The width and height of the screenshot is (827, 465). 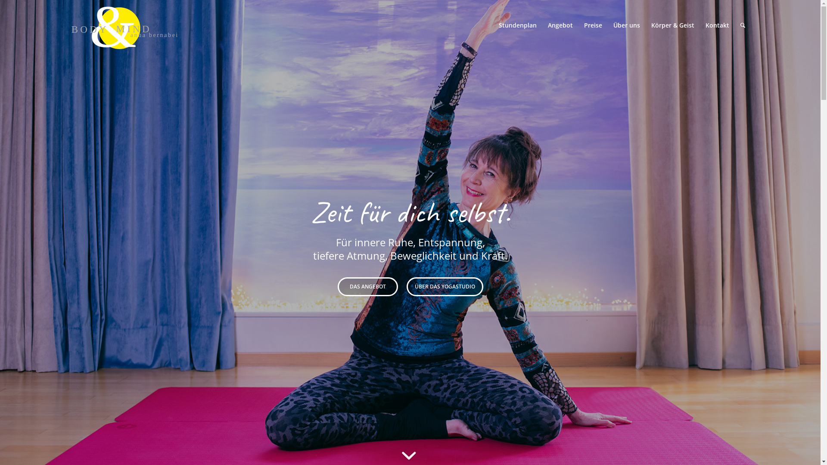 I want to click on 'Stundenplan', so click(x=517, y=25).